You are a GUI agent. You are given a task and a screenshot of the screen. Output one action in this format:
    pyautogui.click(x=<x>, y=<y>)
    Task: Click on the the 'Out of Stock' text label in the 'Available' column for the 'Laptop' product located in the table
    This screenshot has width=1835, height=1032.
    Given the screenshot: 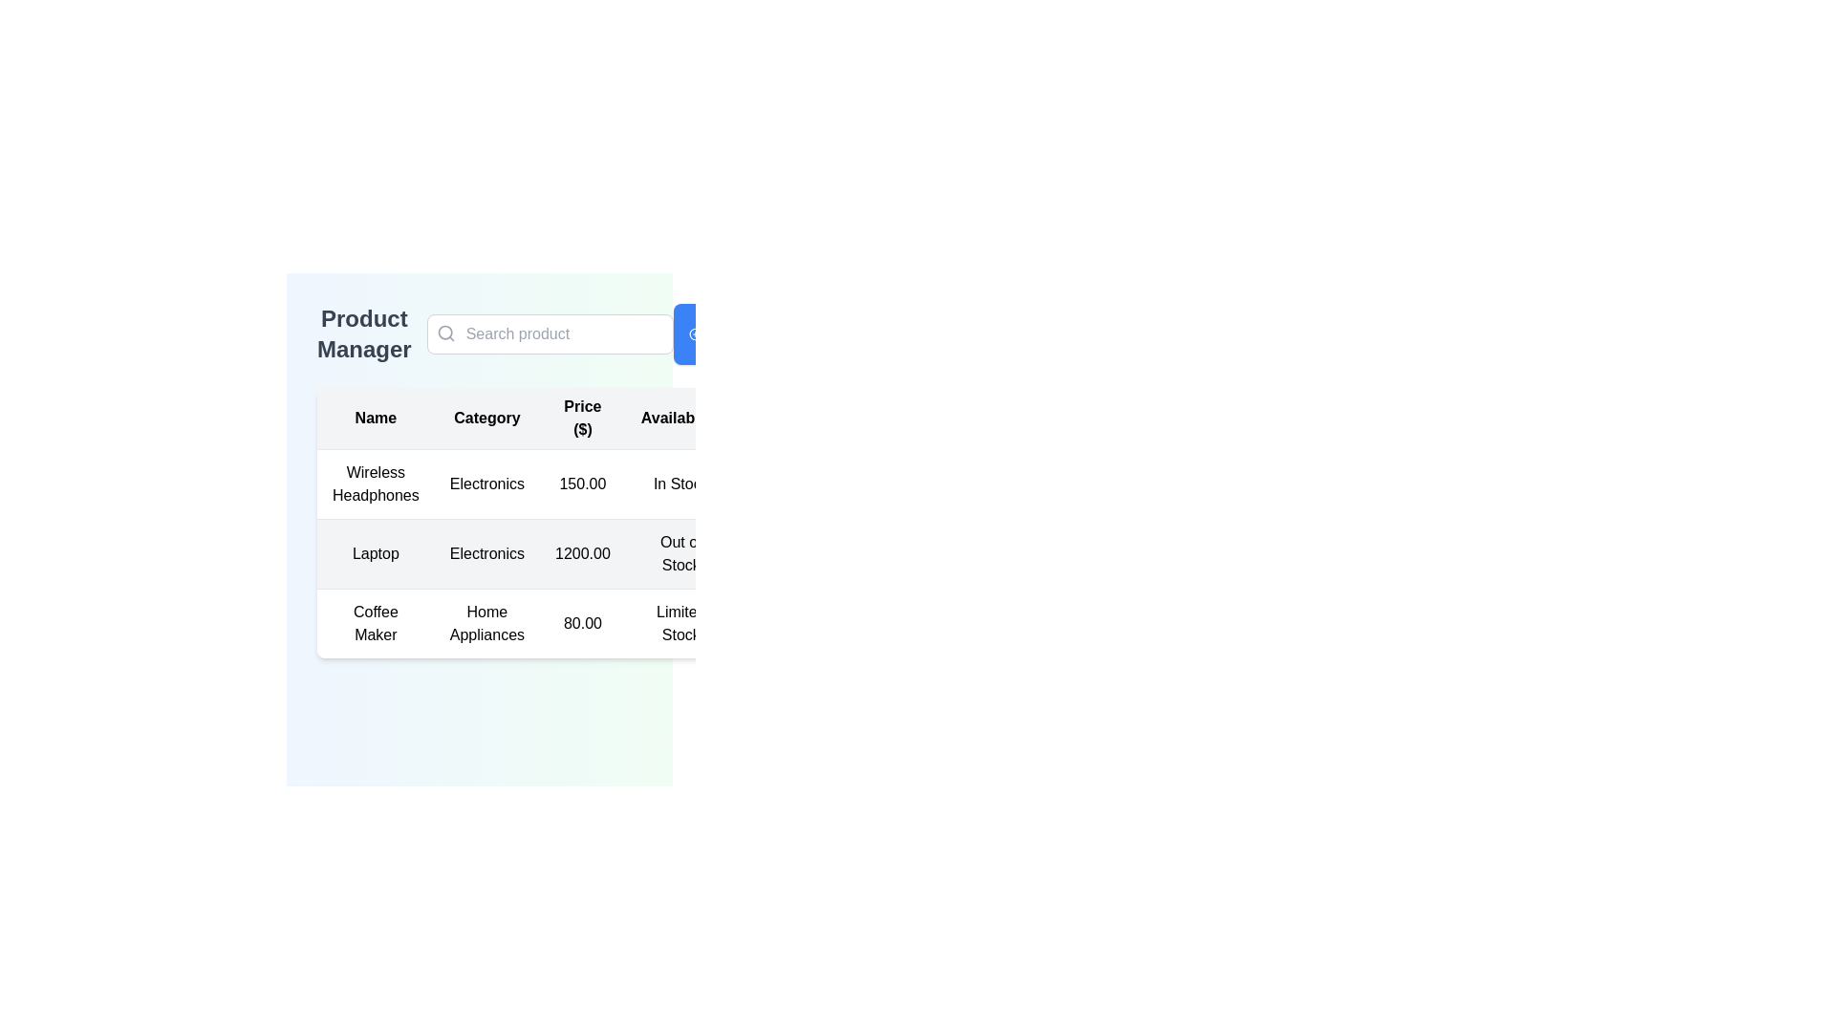 What is the action you would take?
    pyautogui.click(x=680, y=553)
    